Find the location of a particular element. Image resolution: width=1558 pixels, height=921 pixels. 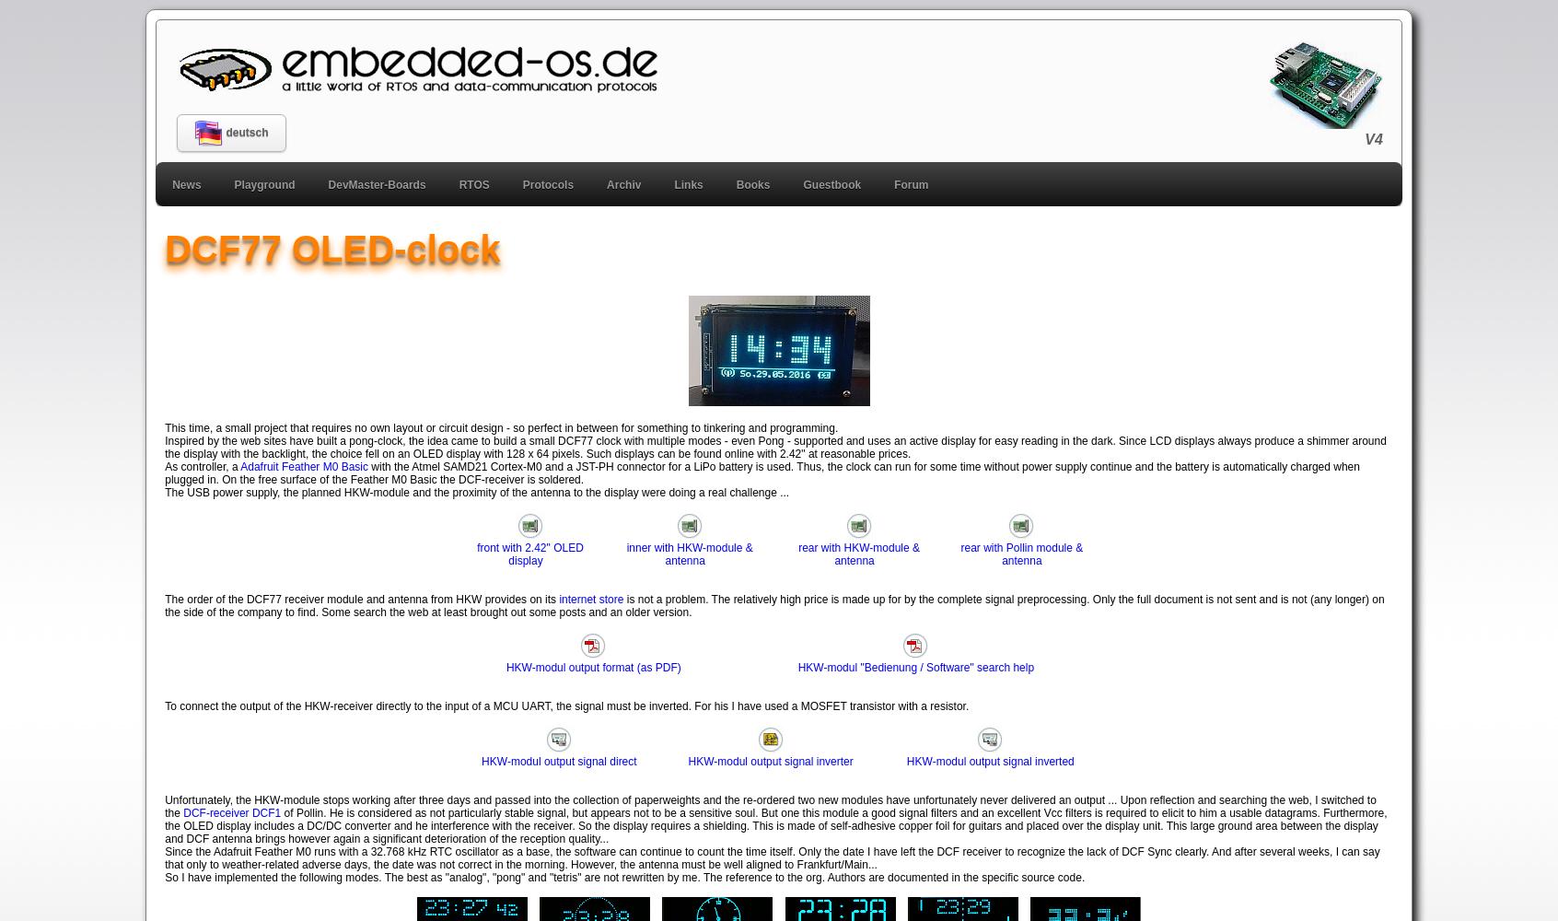

'rear with Pollin module & antenna' is located at coordinates (1021, 553).